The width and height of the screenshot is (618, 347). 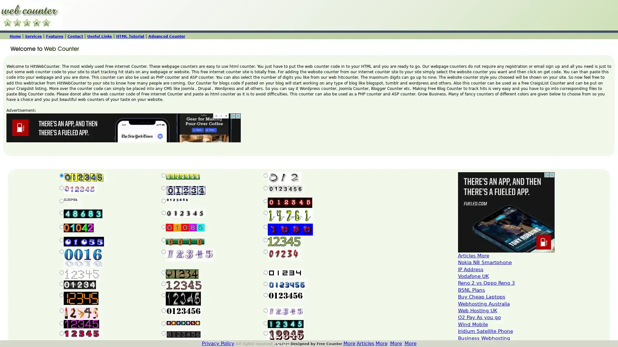 I want to click on Submit, so click(x=182, y=274).